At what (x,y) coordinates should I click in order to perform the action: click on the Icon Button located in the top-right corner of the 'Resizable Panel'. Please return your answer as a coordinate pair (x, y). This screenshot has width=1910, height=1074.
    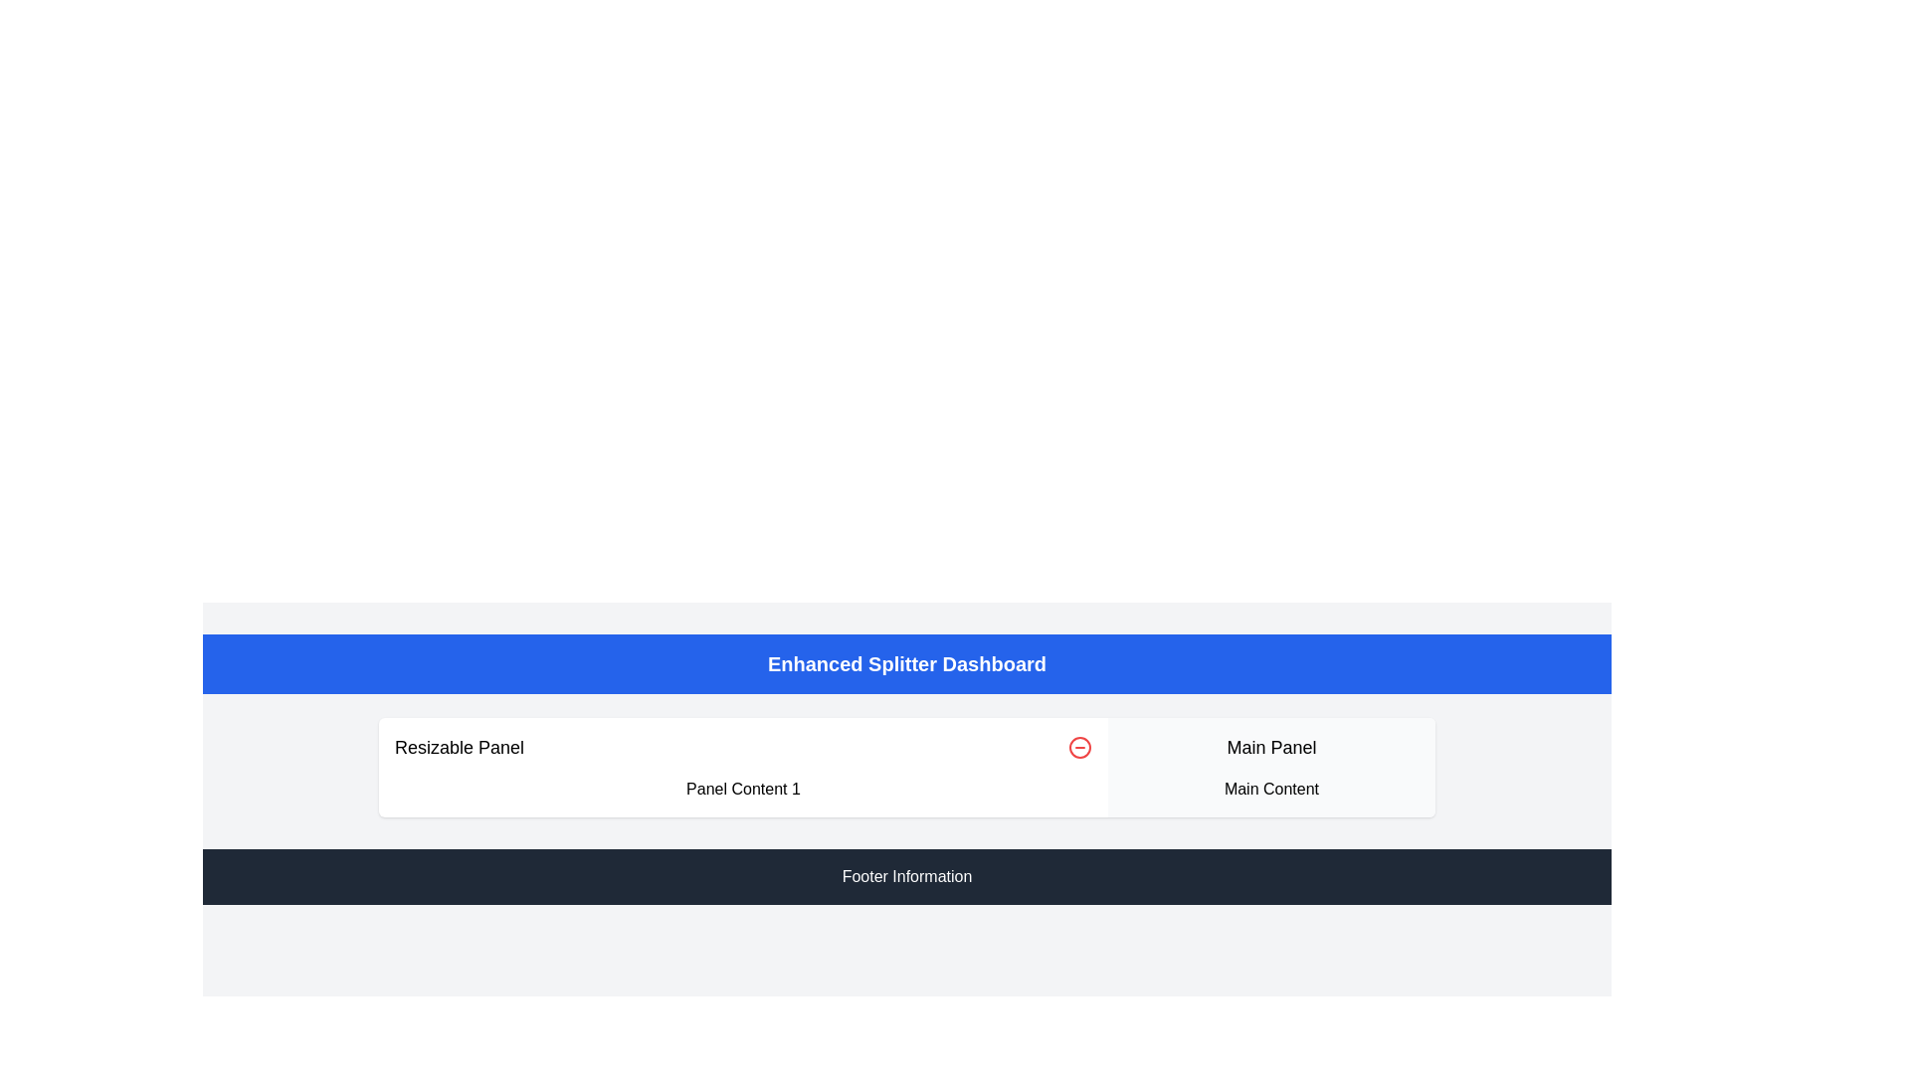
    Looking at the image, I should click on (1078, 748).